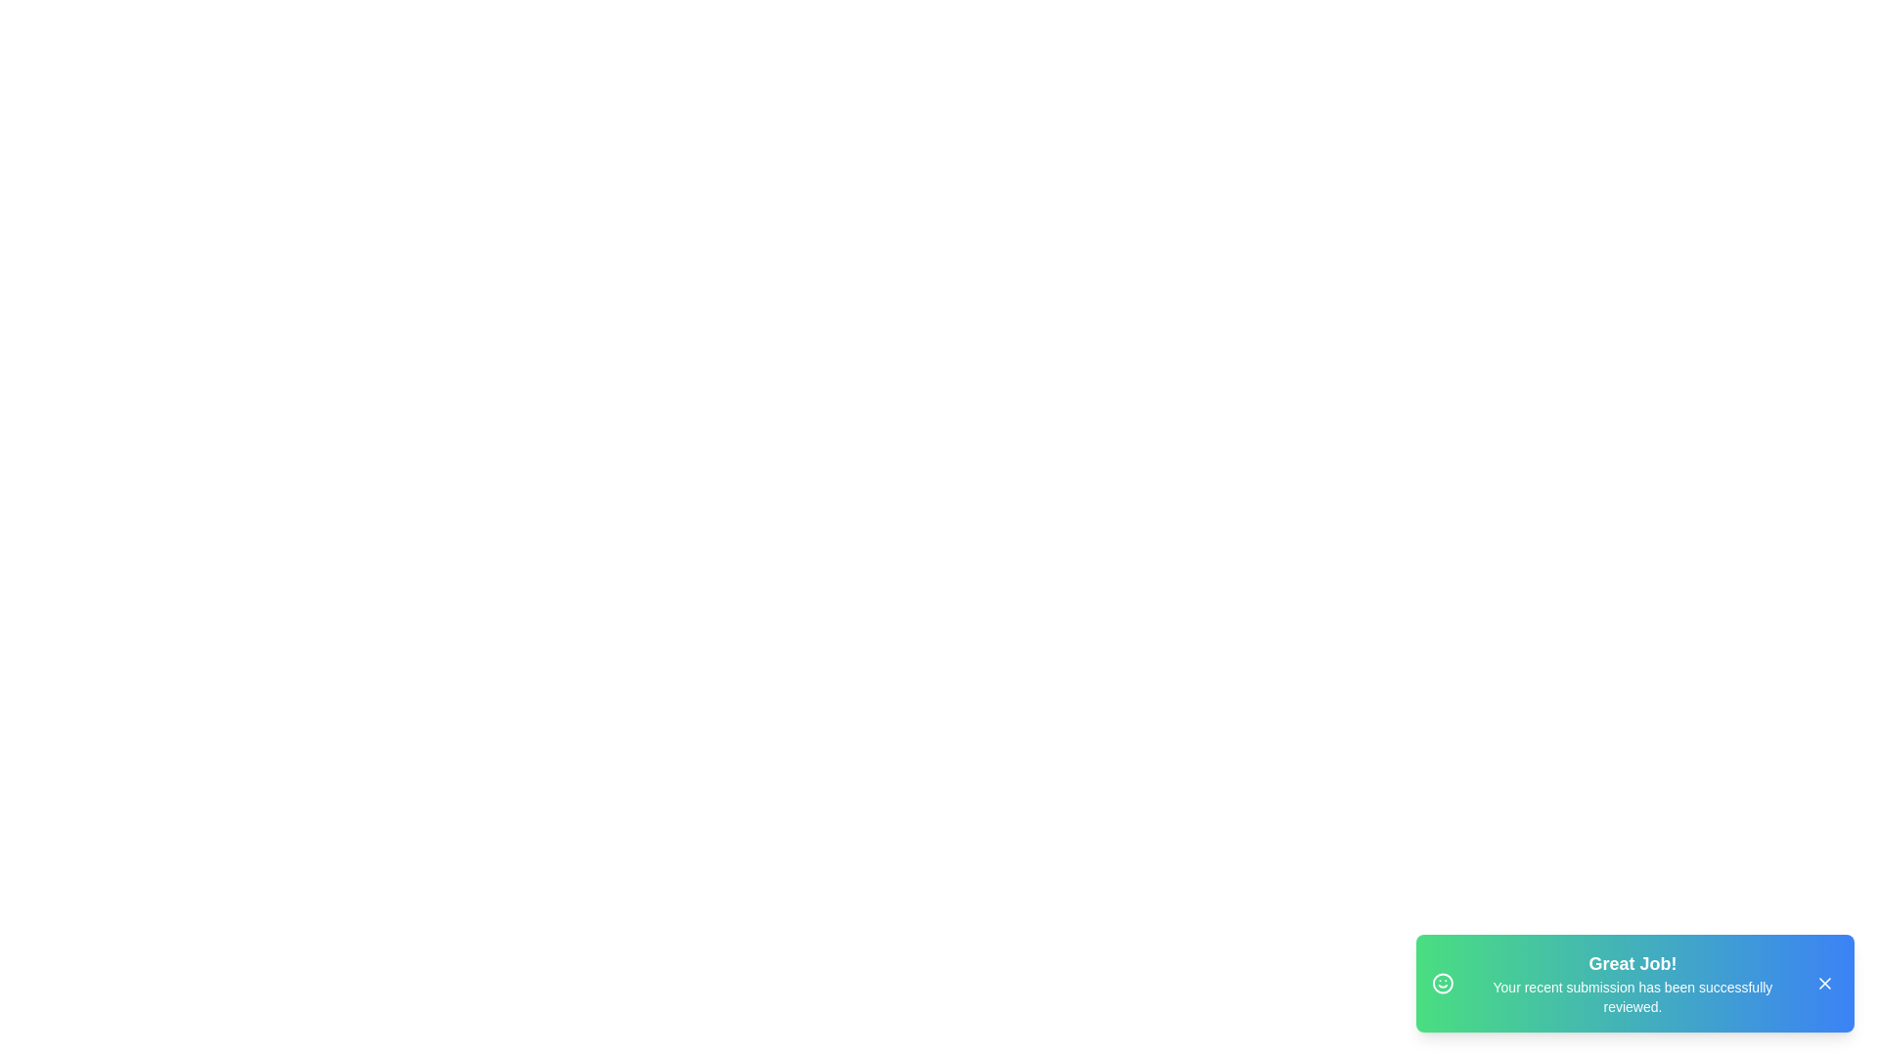 This screenshot has width=1878, height=1056. I want to click on the close button of the Snackbar to dismiss it, so click(1824, 984).